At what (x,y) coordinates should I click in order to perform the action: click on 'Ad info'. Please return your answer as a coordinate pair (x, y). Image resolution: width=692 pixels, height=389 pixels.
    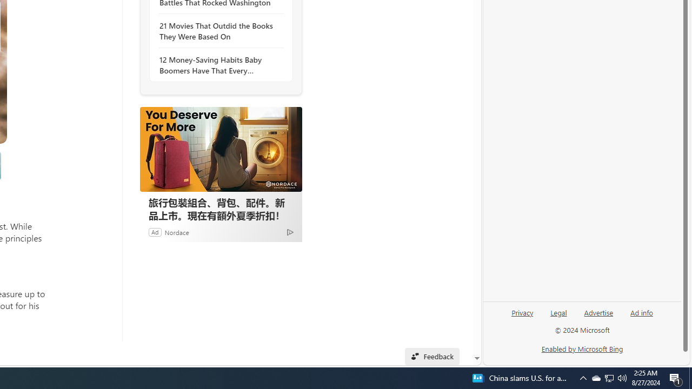
    Looking at the image, I should click on (642, 312).